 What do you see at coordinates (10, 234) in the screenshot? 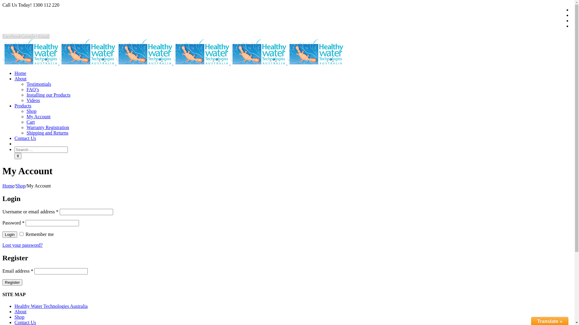
I see `'Login'` at bounding box center [10, 234].